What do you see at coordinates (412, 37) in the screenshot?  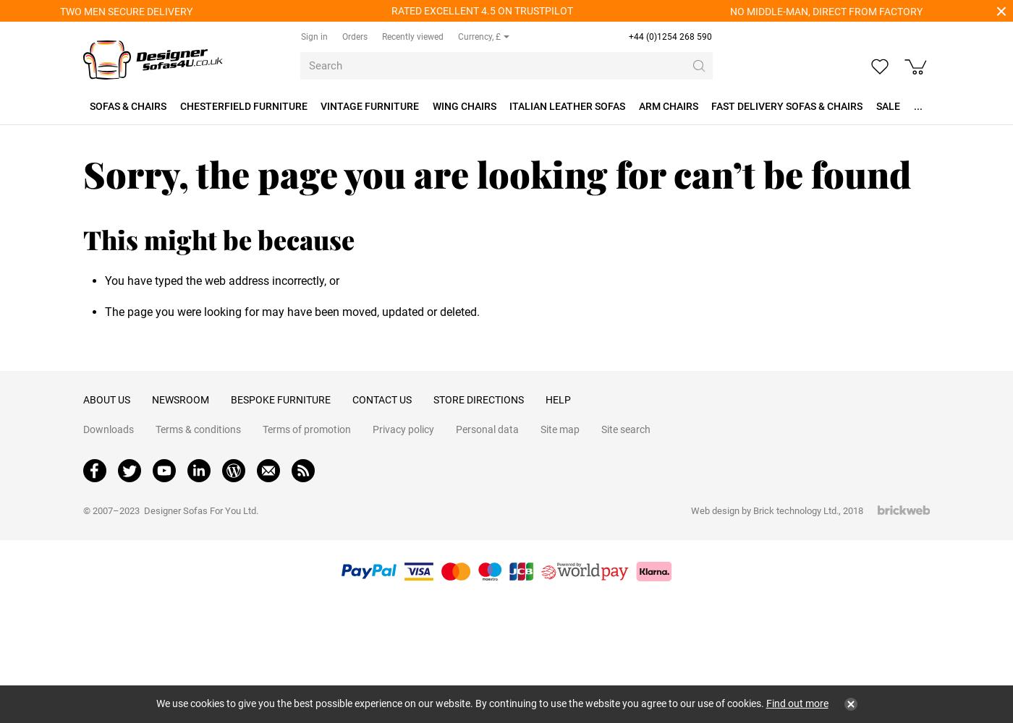 I see `'Recently viewed'` at bounding box center [412, 37].